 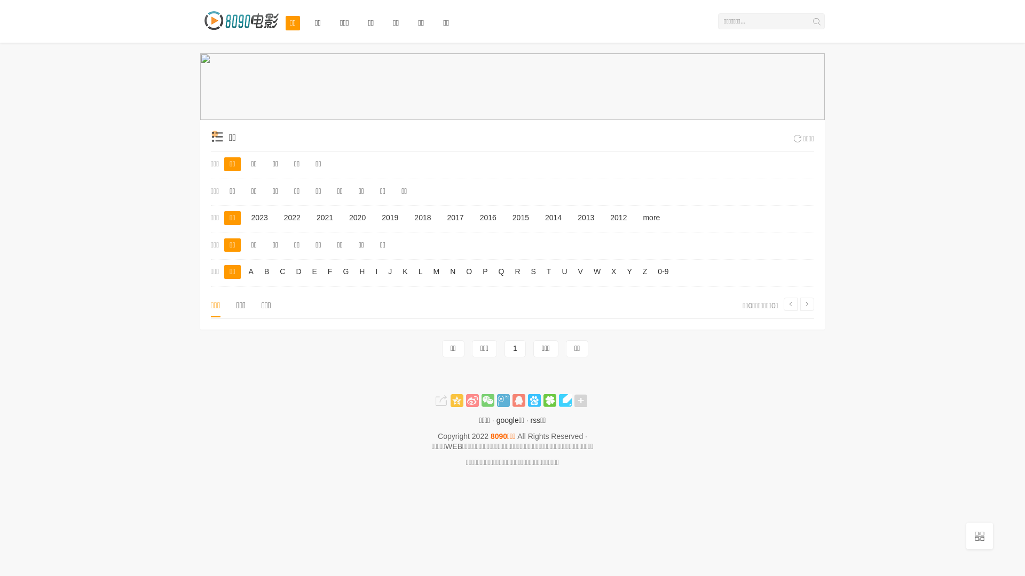 I want to click on 'U', so click(x=563, y=271).